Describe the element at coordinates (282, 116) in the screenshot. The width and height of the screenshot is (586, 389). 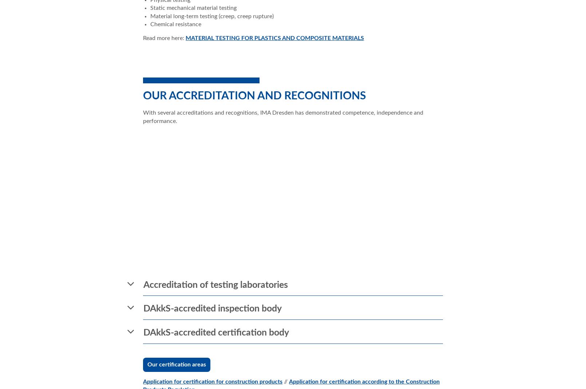
I see `'With several accreditations and recognitions, IMA Dresden has demonstrated competence, independence and performance.'` at that location.